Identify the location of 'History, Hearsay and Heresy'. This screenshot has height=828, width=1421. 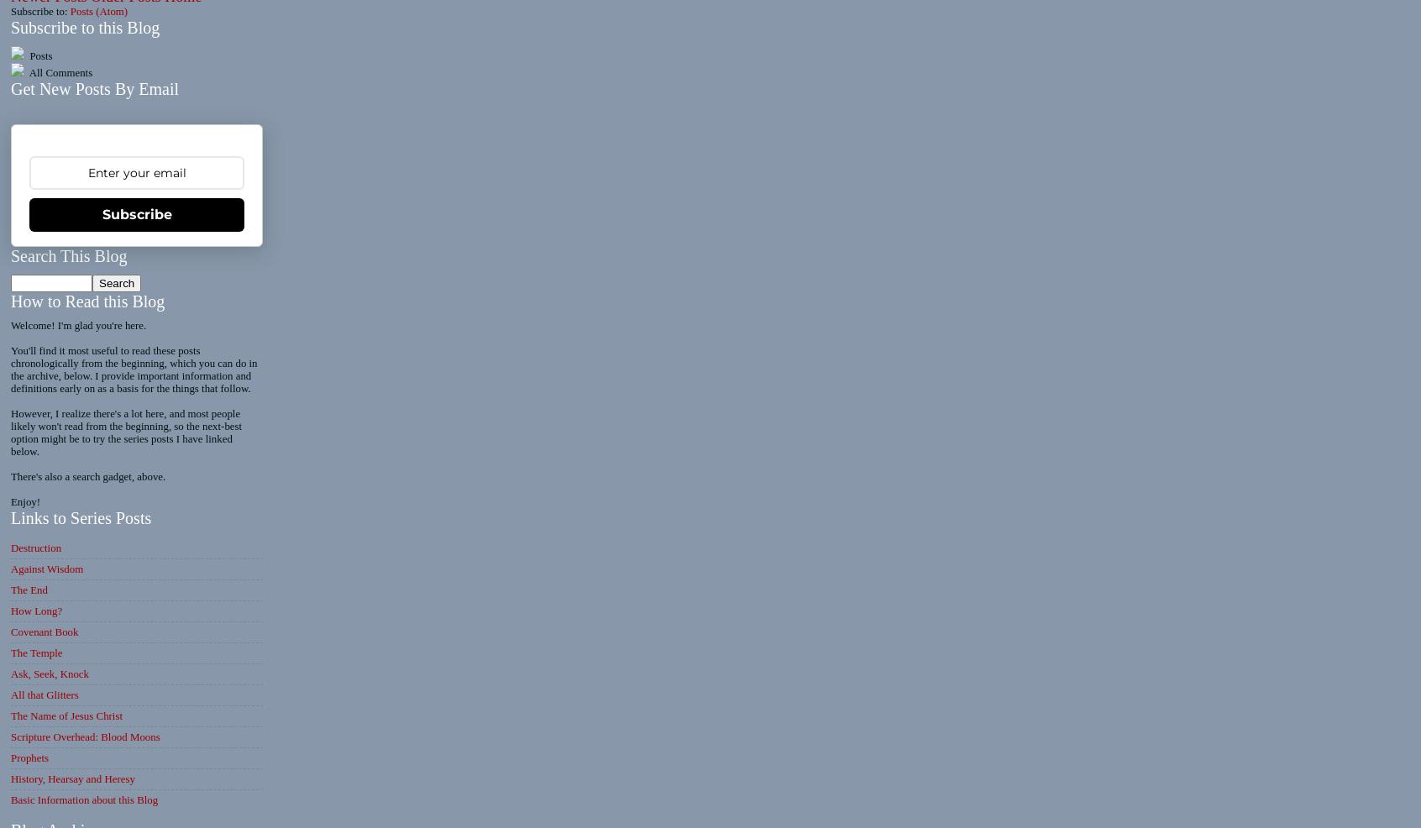
(72, 778).